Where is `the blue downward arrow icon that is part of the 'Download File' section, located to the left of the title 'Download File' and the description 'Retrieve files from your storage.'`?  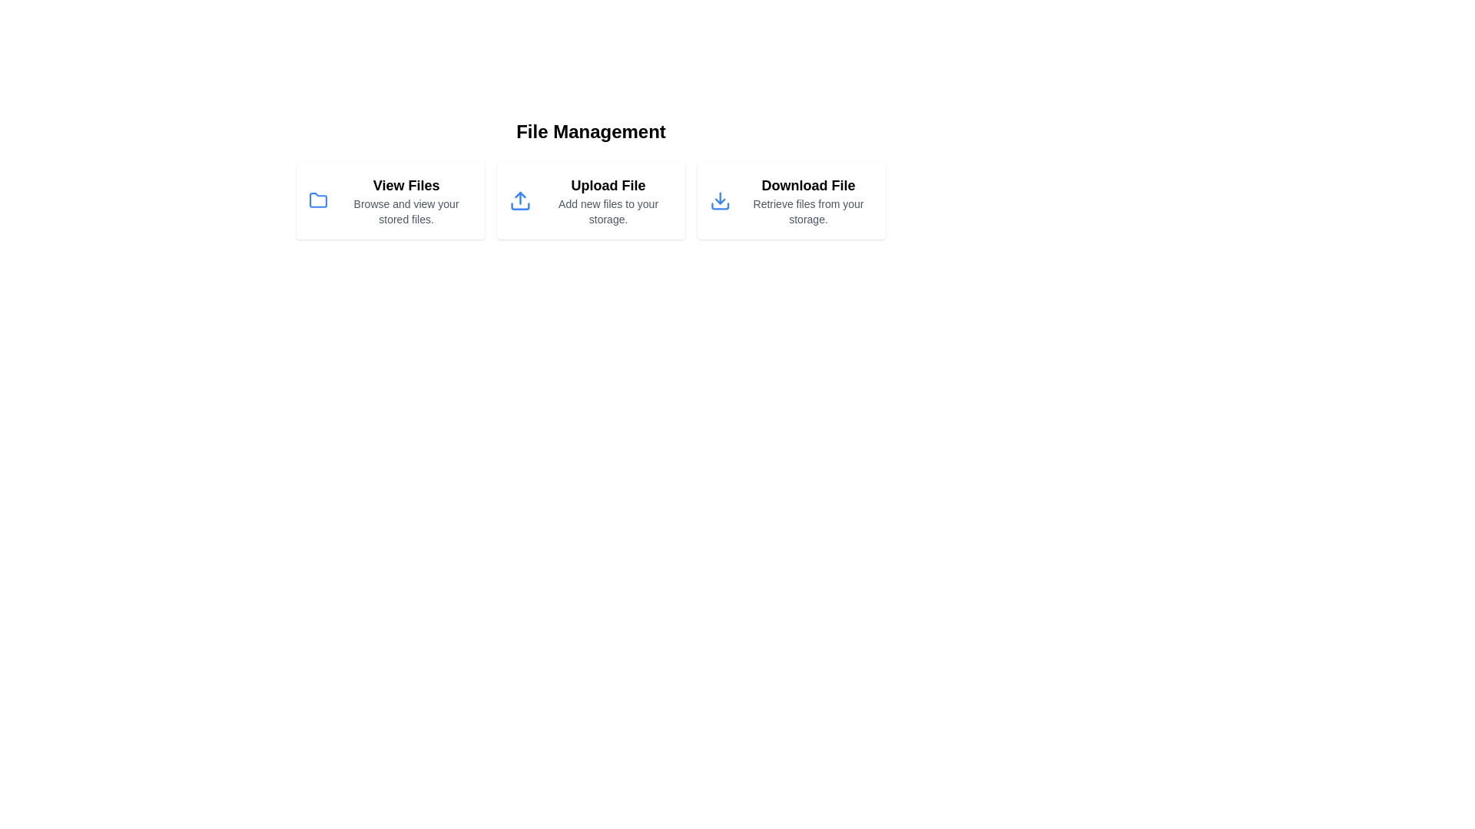 the blue downward arrow icon that is part of the 'Download File' section, located to the left of the title 'Download File' and the description 'Retrieve files from your storage.' is located at coordinates (719, 200).